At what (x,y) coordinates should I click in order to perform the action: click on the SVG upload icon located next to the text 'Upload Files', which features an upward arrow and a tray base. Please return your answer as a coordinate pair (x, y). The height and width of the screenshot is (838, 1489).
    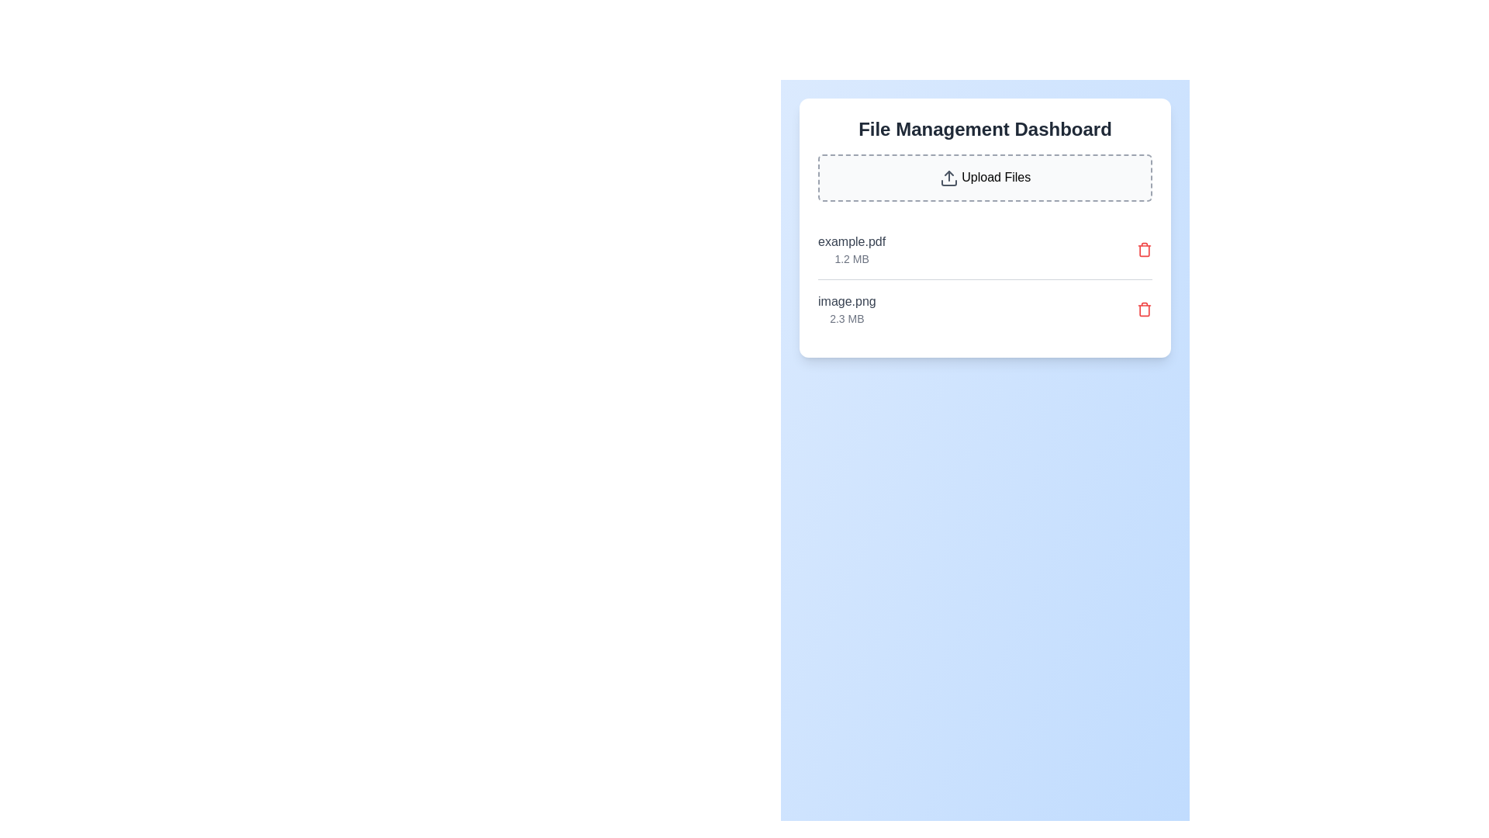
    Looking at the image, I should click on (948, 177).